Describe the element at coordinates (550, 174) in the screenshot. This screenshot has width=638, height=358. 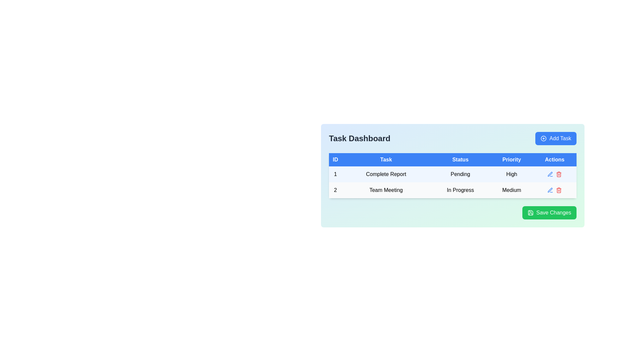
I see `the edit icon button located in the first position of the 'Actions' column in the second row of the table` at that location.